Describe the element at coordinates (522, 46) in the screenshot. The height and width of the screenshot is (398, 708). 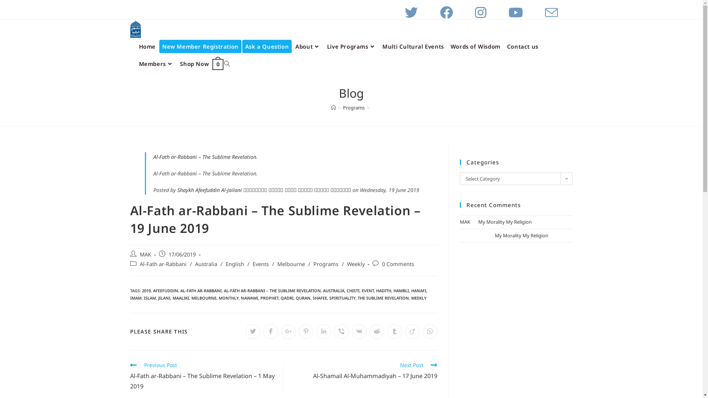
I see `'Contact us'` at that location.